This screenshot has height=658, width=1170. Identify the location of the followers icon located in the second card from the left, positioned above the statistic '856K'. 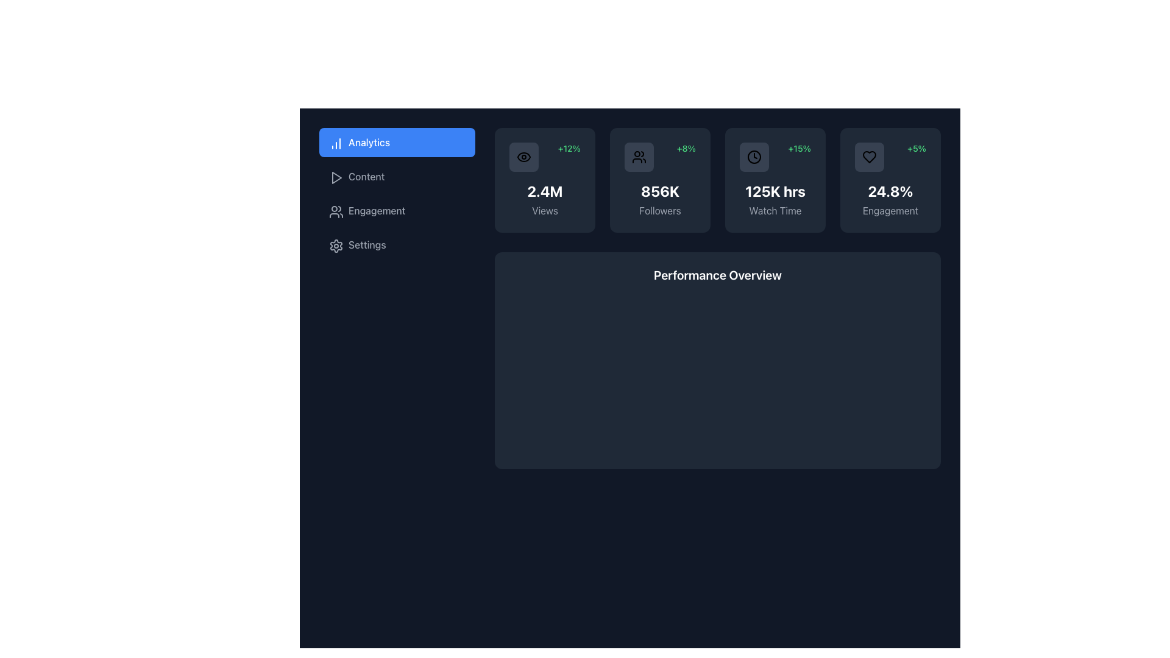
(639, 157).